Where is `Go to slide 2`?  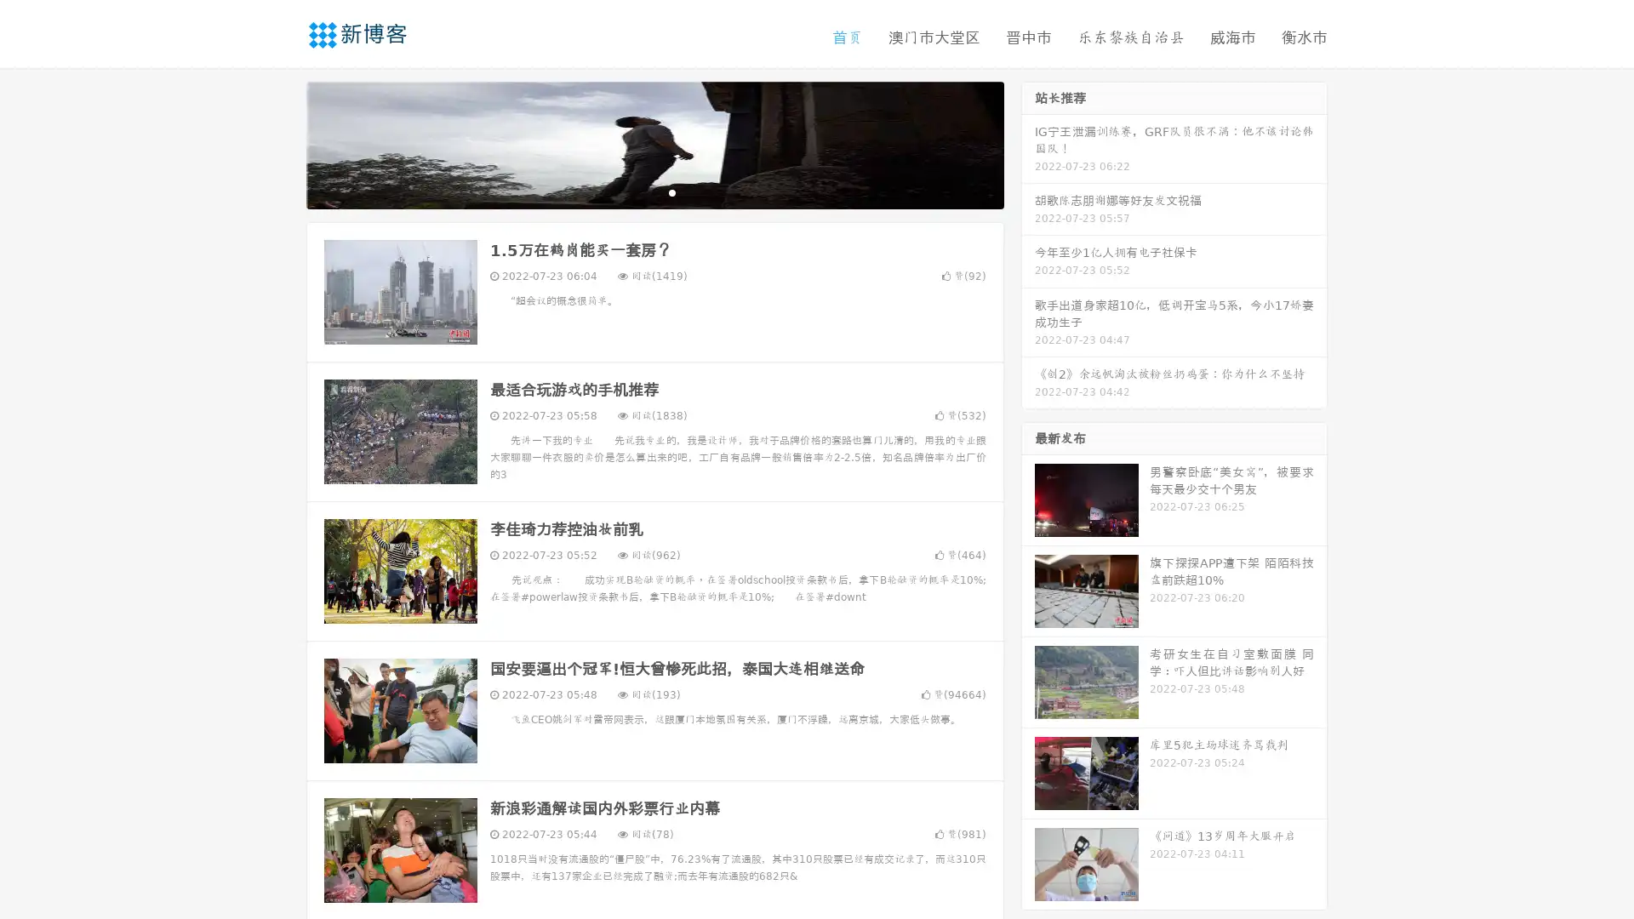
Go to slide 2 is located at coordinates (654, 191).